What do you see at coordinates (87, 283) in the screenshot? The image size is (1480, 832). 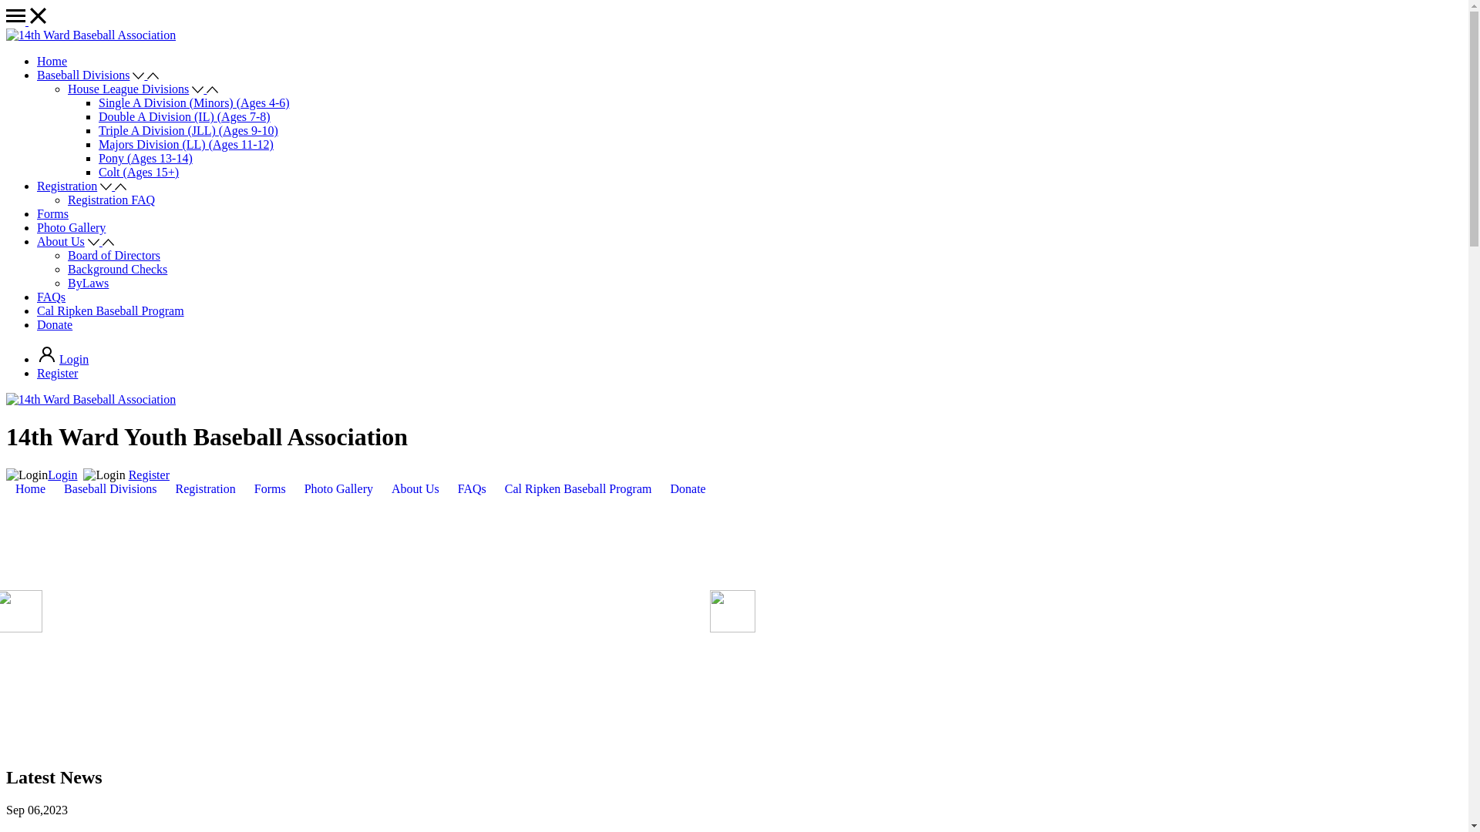 I see `'ByLaws'` at bounding box center [87, 283].